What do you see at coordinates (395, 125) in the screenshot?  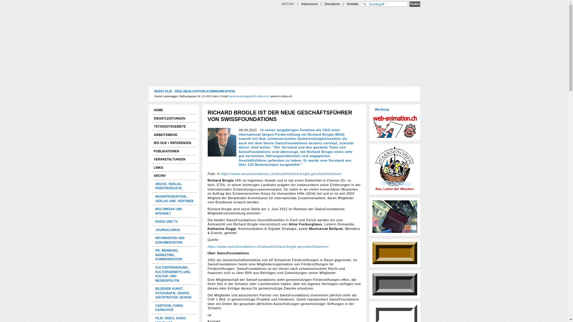 I see `'web-animation.ch'` at bounding box center [395, 125].